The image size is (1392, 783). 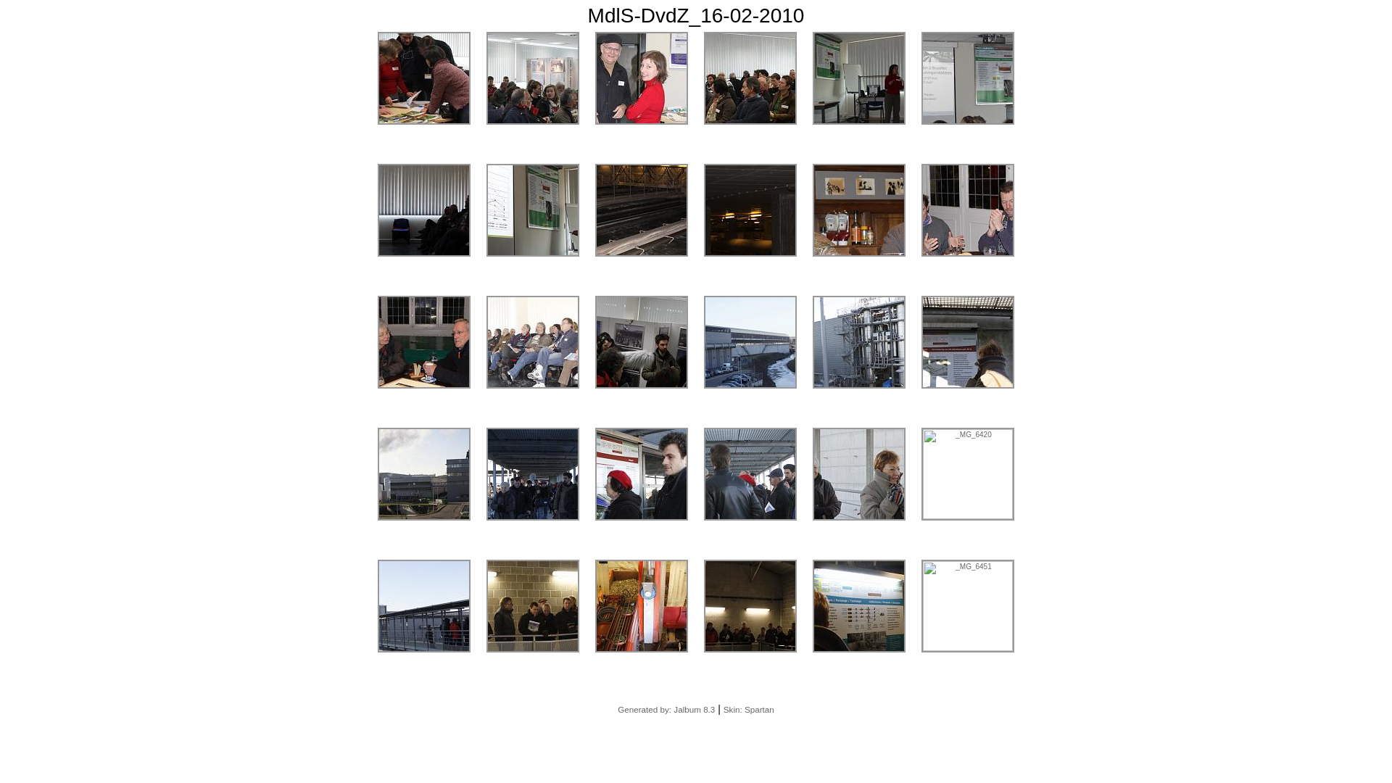 What do you see at coordinates (748, 708) in the screenshot?
I see `'Skin: Spartan'` at bounding box center [748, 708].